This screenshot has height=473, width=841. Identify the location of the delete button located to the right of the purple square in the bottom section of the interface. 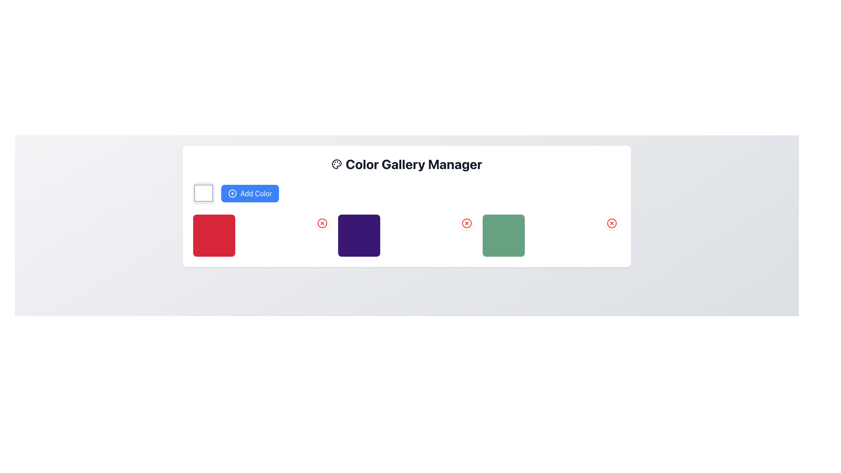
(322, 222).